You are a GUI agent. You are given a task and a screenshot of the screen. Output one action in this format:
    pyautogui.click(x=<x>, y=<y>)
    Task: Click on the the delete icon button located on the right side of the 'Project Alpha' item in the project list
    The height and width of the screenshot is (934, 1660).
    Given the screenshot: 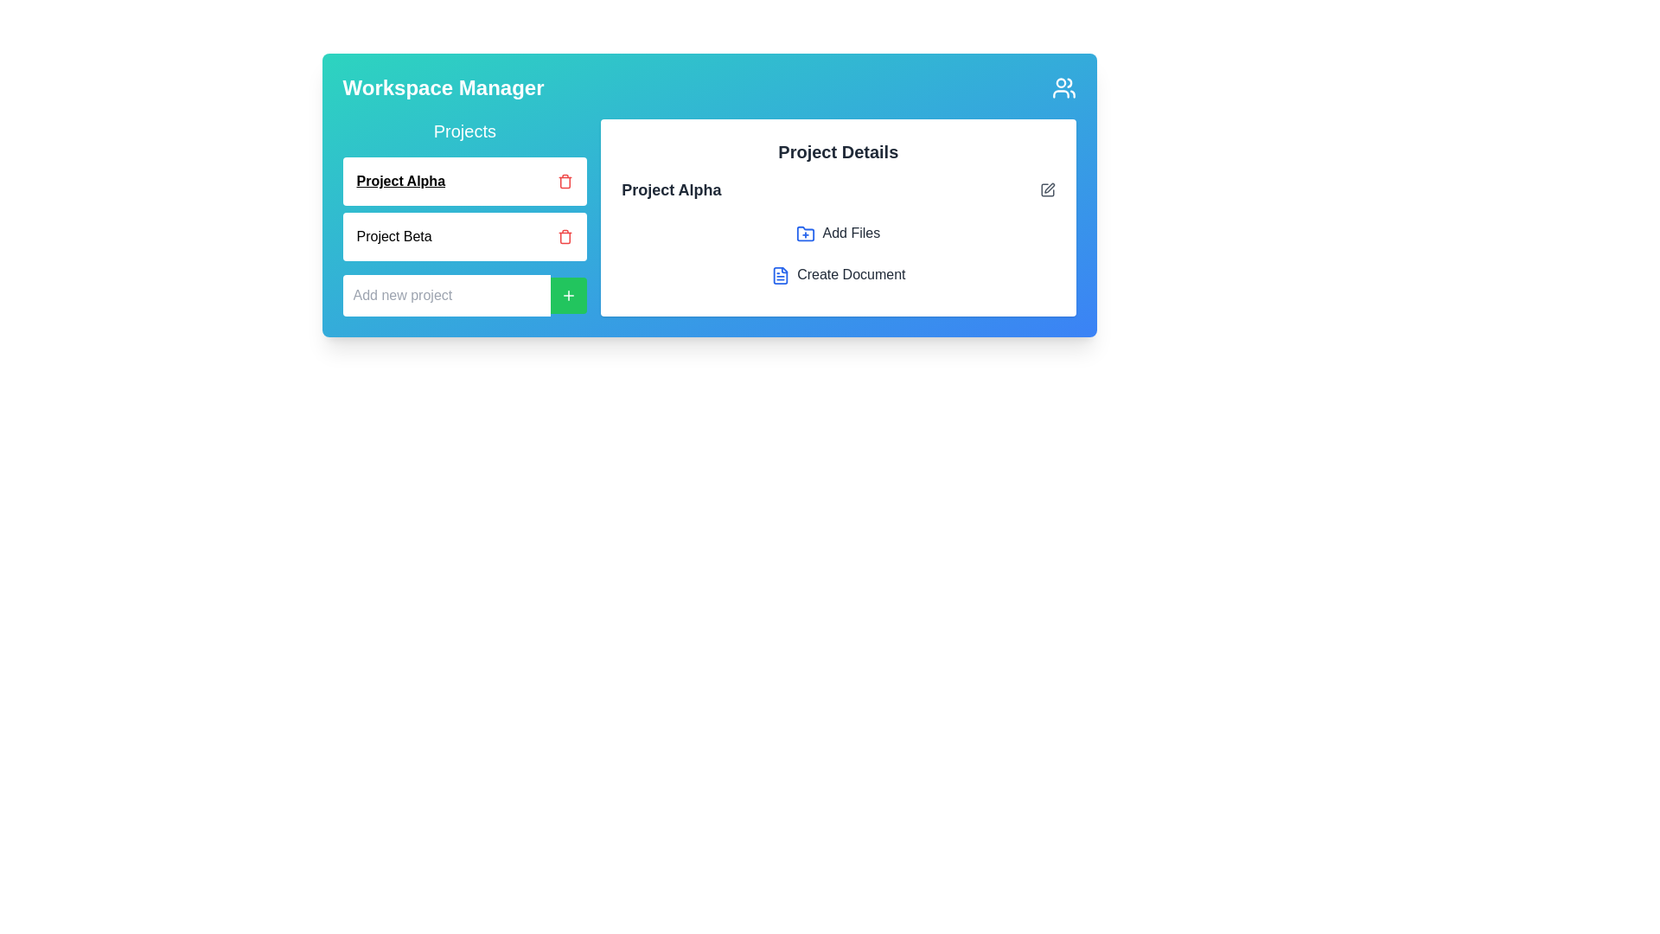 What is the action you would take?
    pyautogui.click(x=565, y=181)
    